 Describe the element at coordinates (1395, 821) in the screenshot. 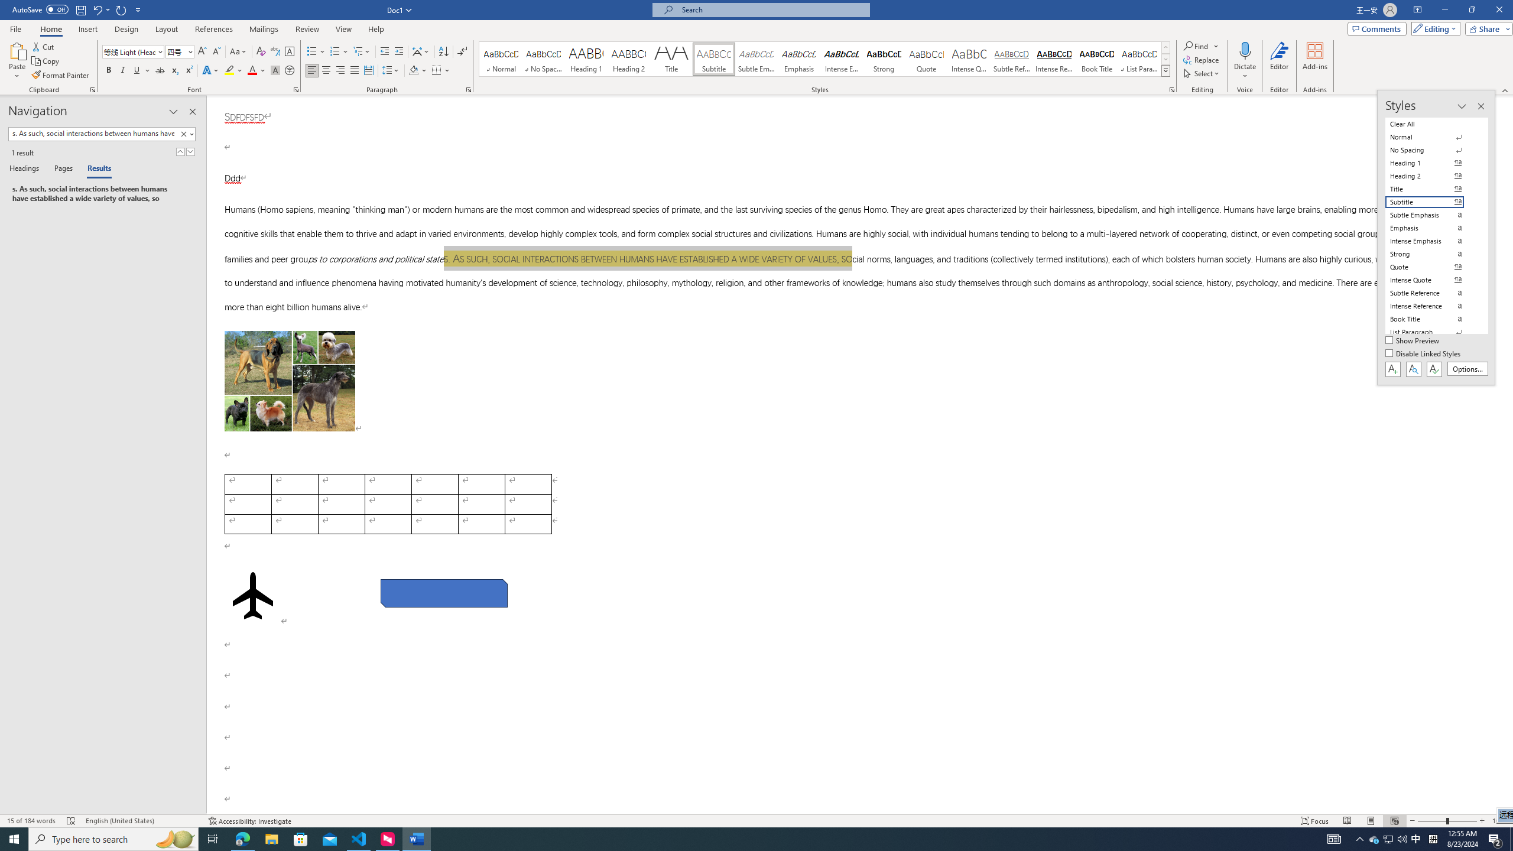

I see `'Web Layout'` at that location.